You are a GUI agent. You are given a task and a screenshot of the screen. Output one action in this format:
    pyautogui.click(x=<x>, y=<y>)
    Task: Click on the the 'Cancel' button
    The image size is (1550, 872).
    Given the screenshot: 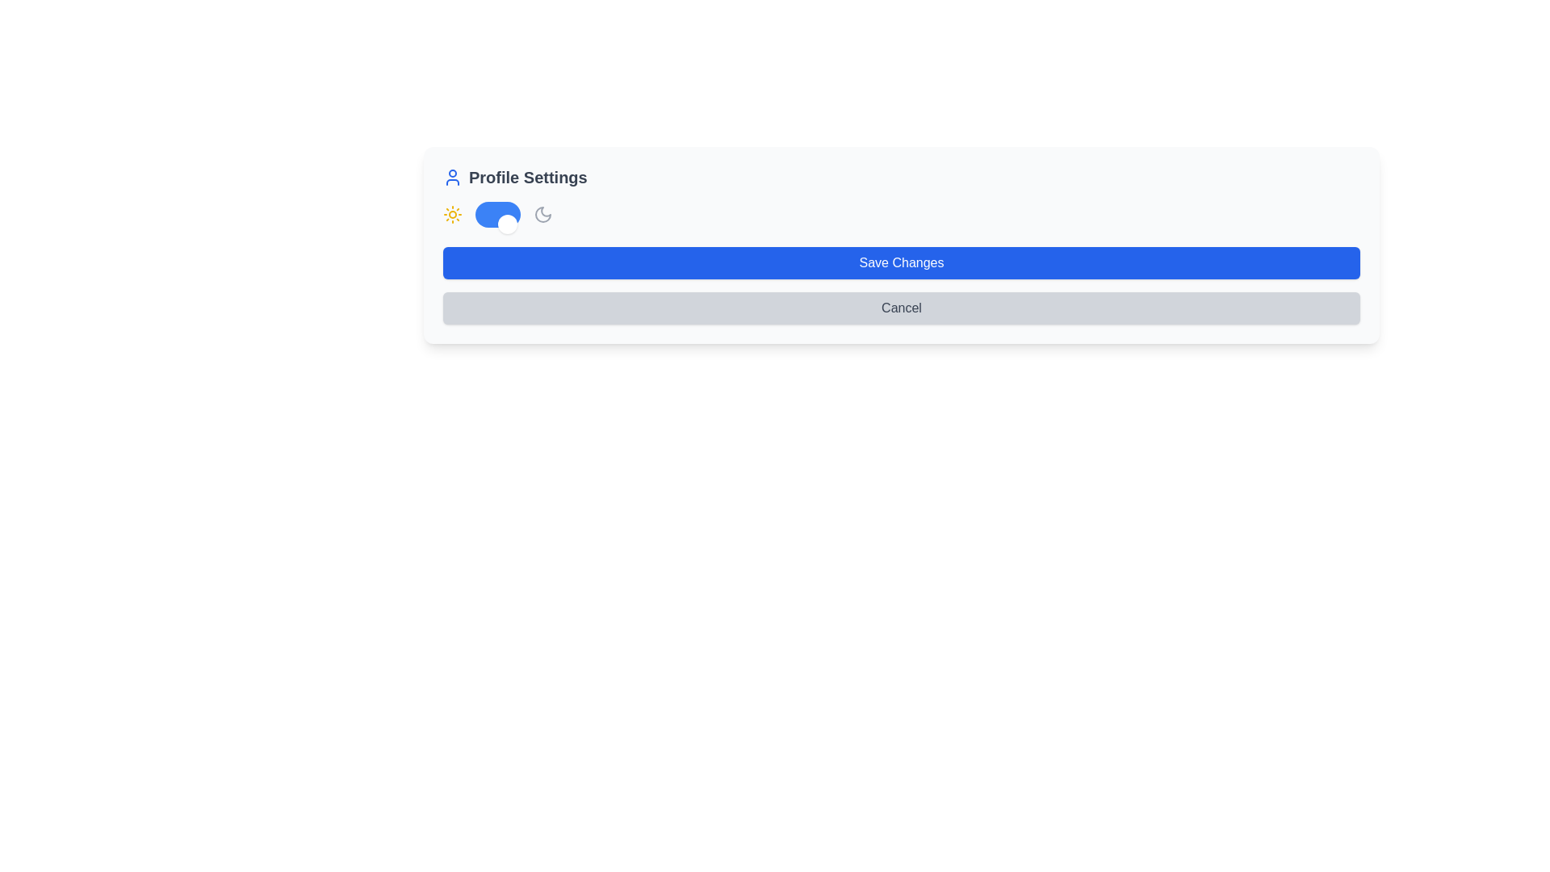 What is the action you would take?
    pyautogui.click(x=901, y=308)
    